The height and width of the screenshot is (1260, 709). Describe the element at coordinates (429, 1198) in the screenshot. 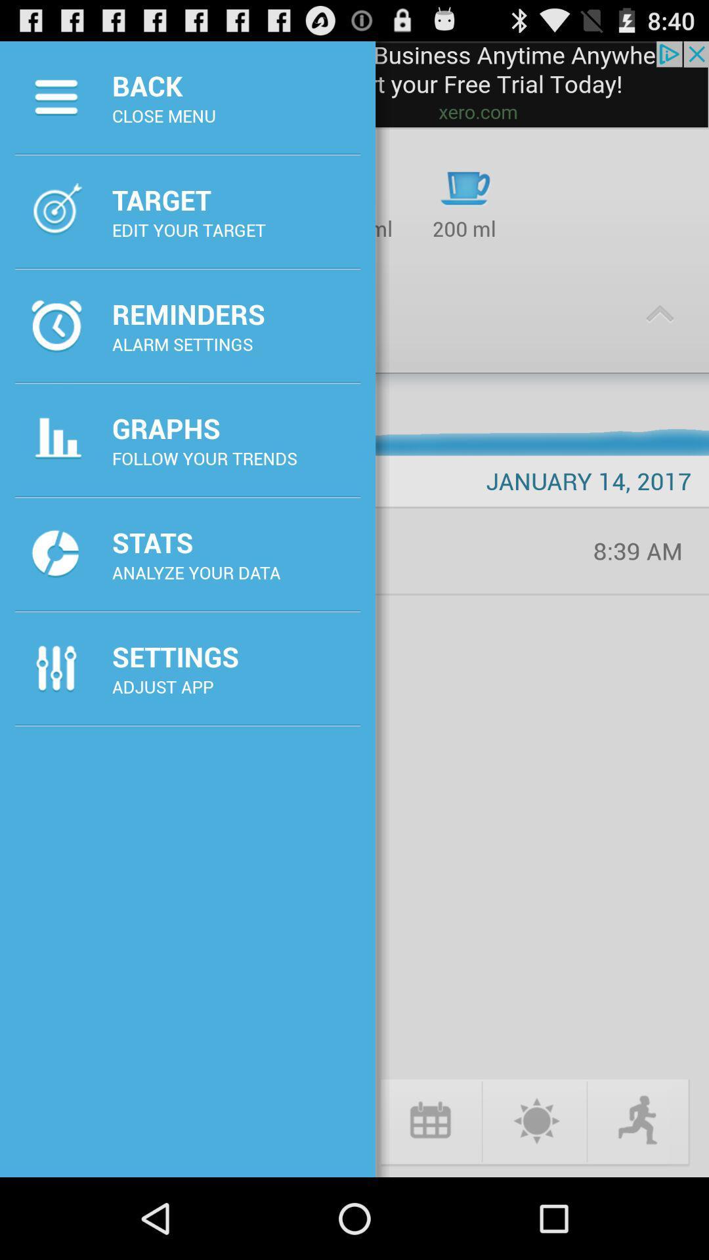

I see `the date_range icon` at that location.